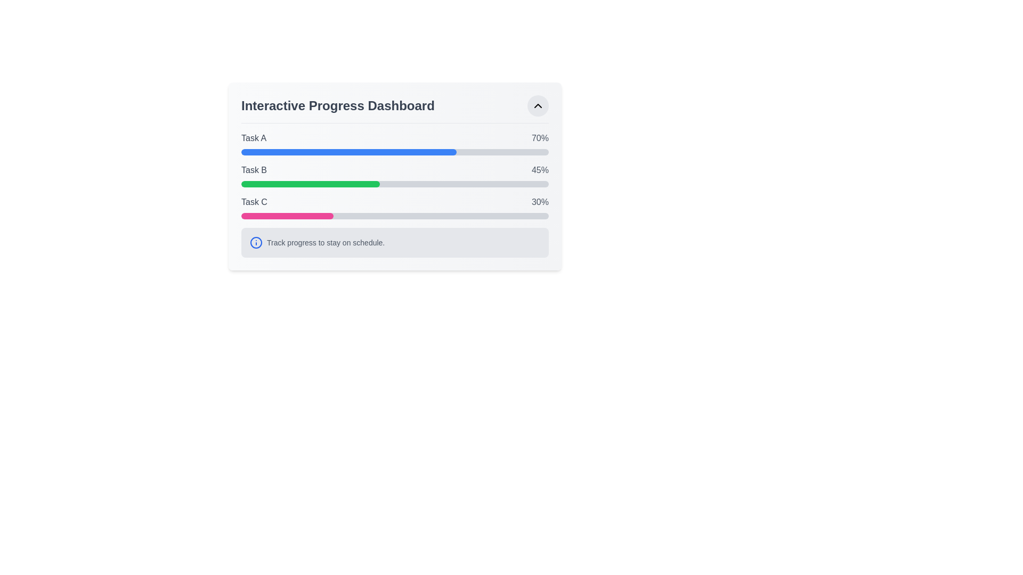 This screenshot has width=1023, height=575. I want to click on the circular information icon with a blue outer border and a white center, so click(256, 242).